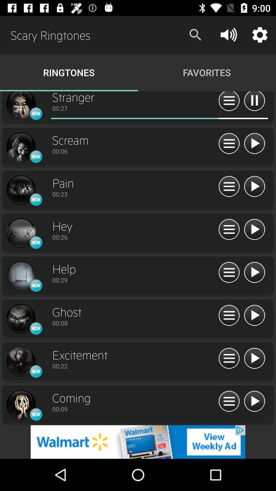 The width and height of the screenshot is (276, 491). What do you see at coordinates (254, 186) in the screenshot?
I see `play` at bounding box center [254, 186].